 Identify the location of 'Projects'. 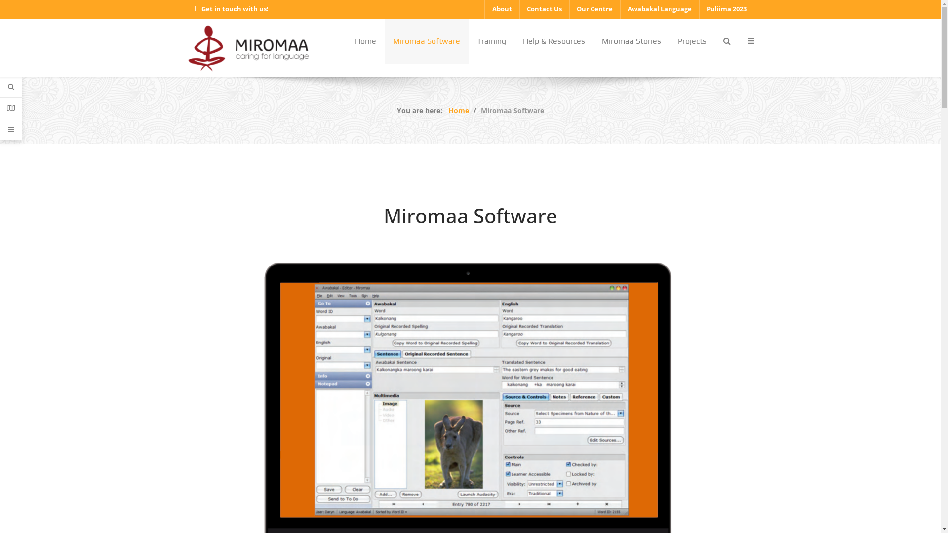
(691, 40).